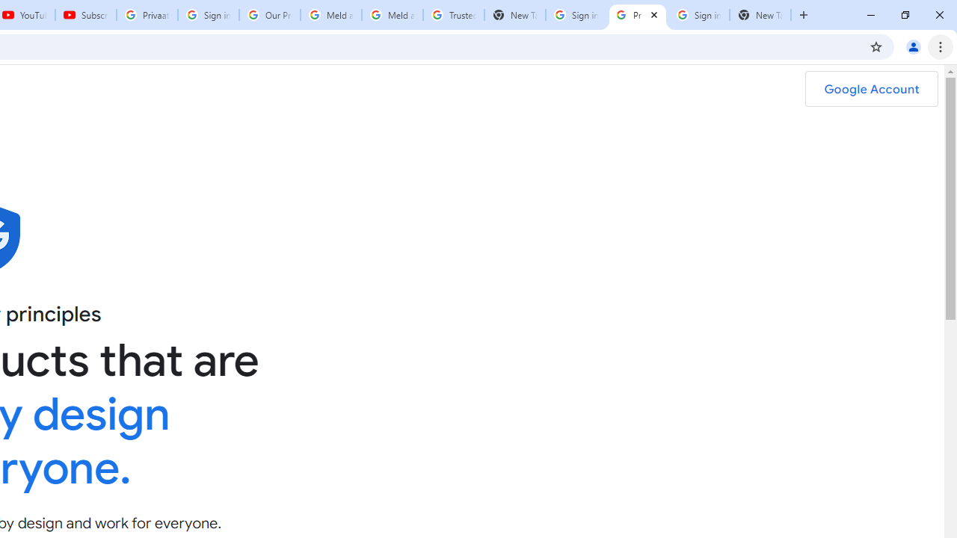 The width and height of the screenshot is (957, 538). Describe the element at coordinates (637, 15) in the screenshot. I see `'Privacy Principles - Google Safety Center'` at that location.